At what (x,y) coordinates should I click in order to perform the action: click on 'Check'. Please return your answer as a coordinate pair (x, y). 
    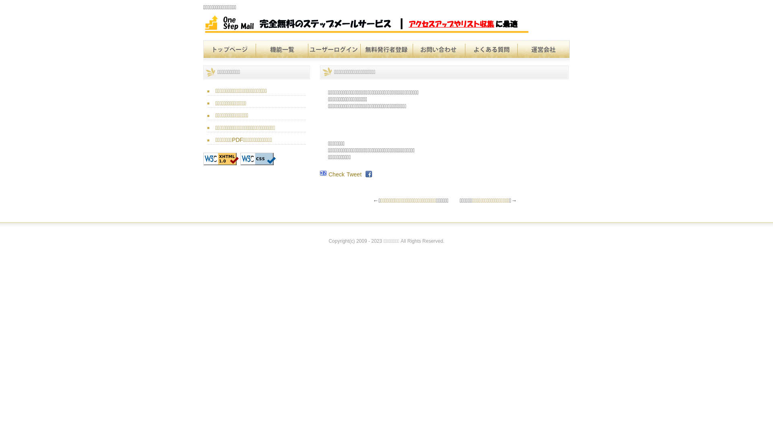
    Looking at the image, I should click on (336, 174).